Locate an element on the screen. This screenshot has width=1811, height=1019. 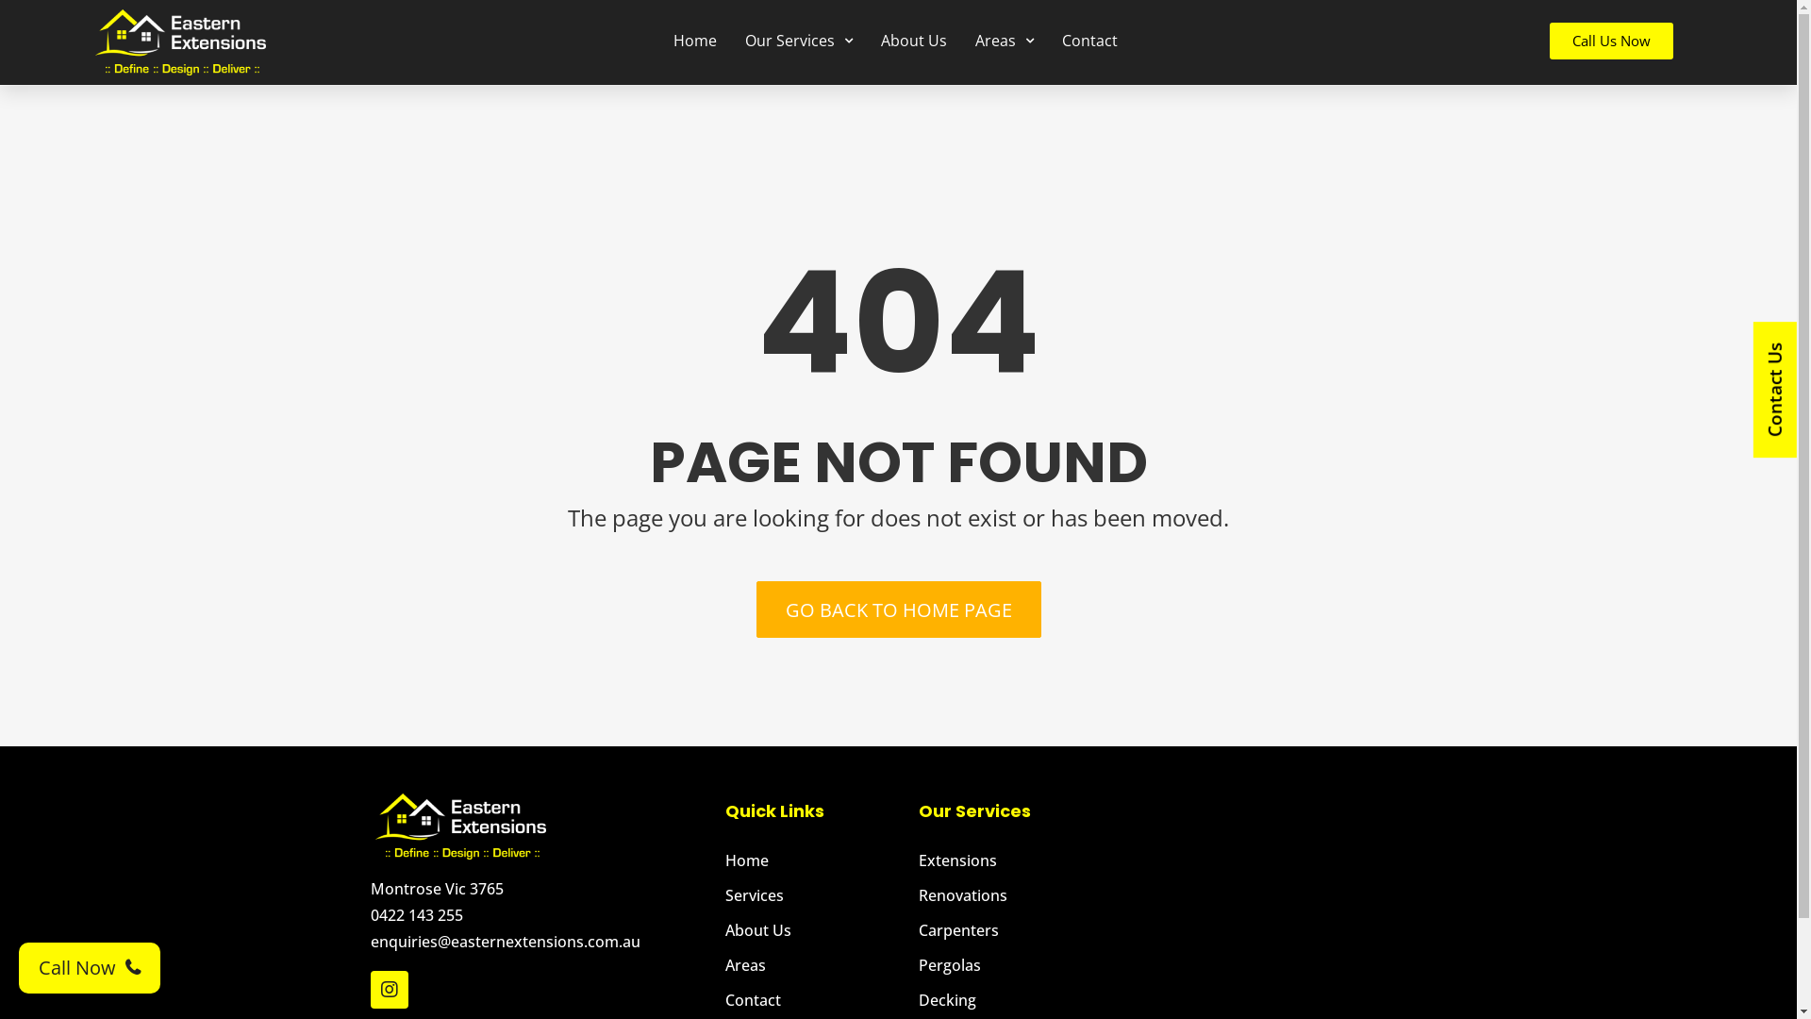
'Carpenters' is located at coordinates (1010, 929).